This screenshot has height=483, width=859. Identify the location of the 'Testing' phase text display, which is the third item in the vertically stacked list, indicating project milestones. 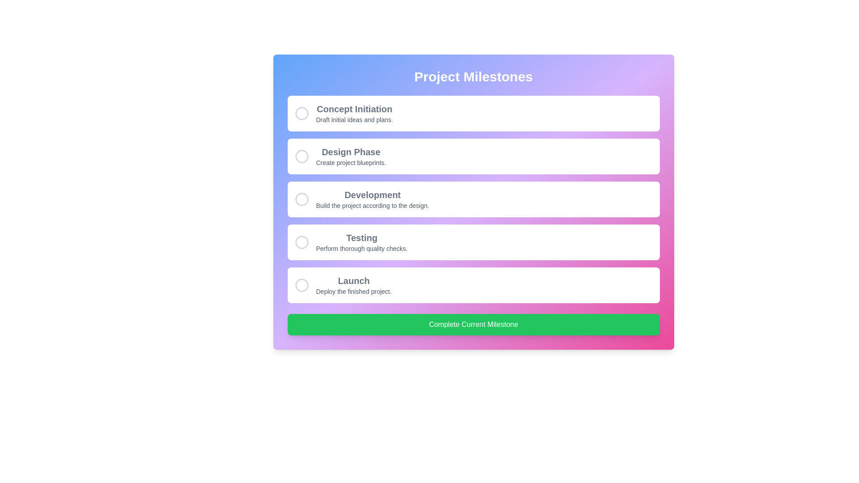
(361, 242).